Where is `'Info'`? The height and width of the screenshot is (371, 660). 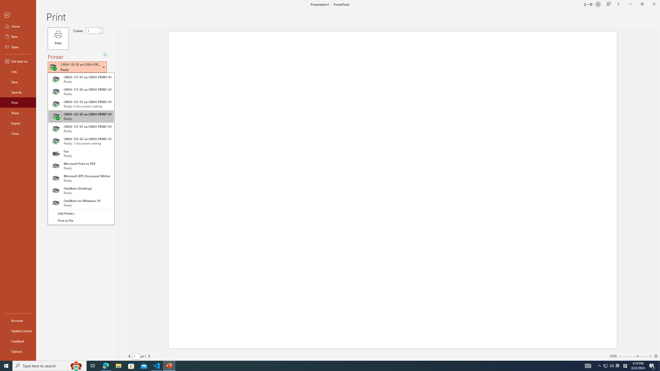
'Info' is located at coordinates (18, 71).